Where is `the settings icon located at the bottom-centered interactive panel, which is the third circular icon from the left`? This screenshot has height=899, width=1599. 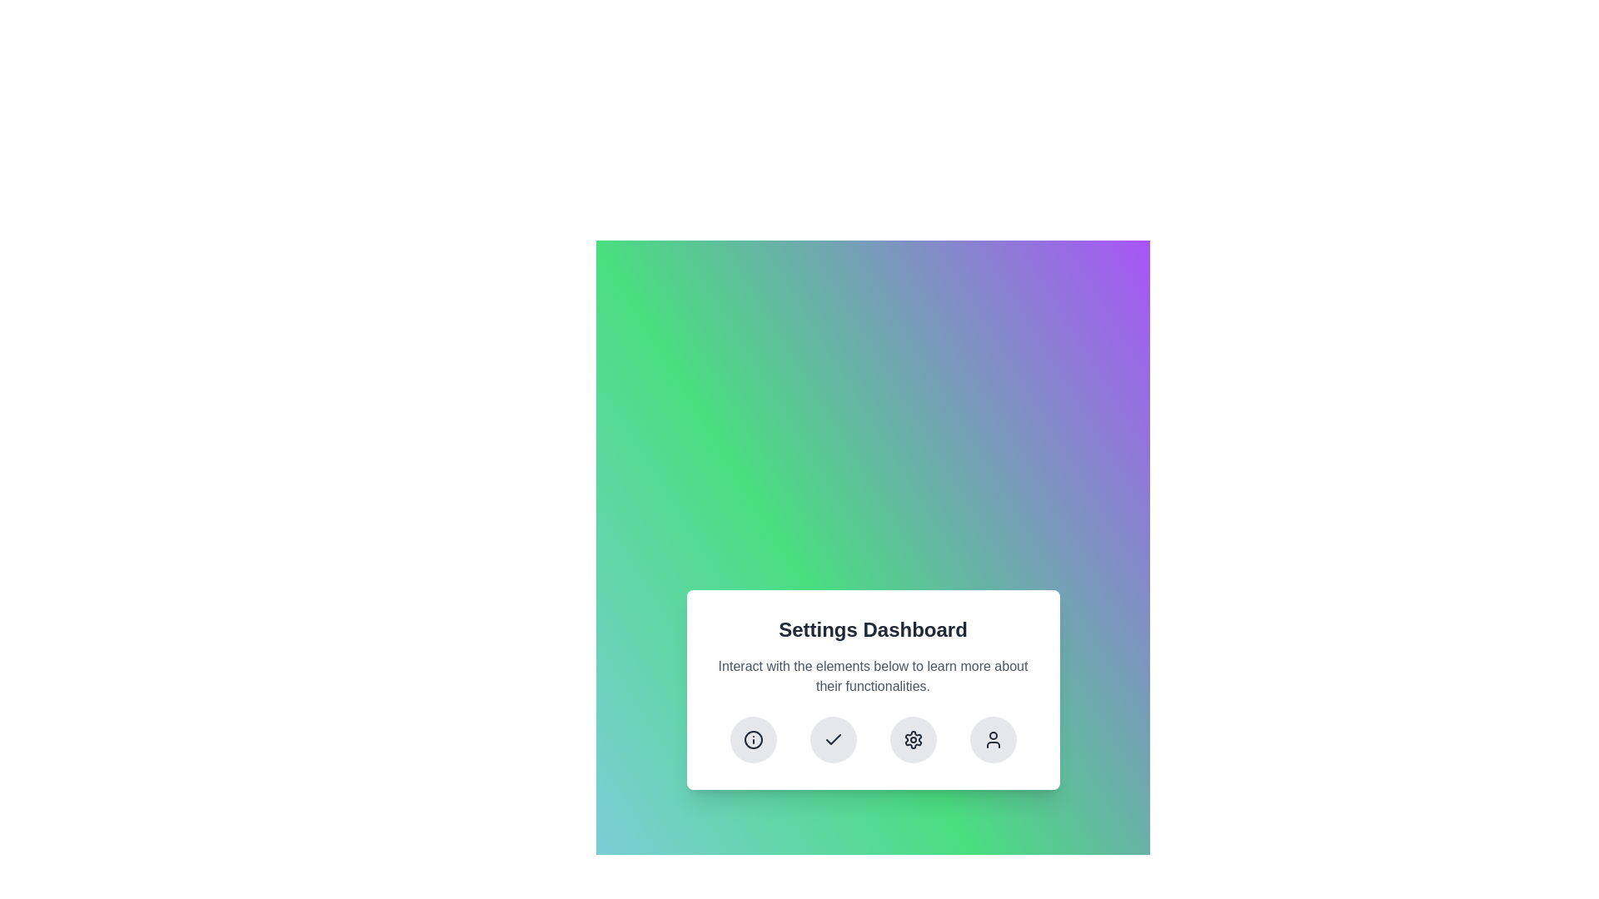
the settings icon located at the bottom-centered interactive panel, which is the third circular icon from the left is located at coordinates (912, 738).